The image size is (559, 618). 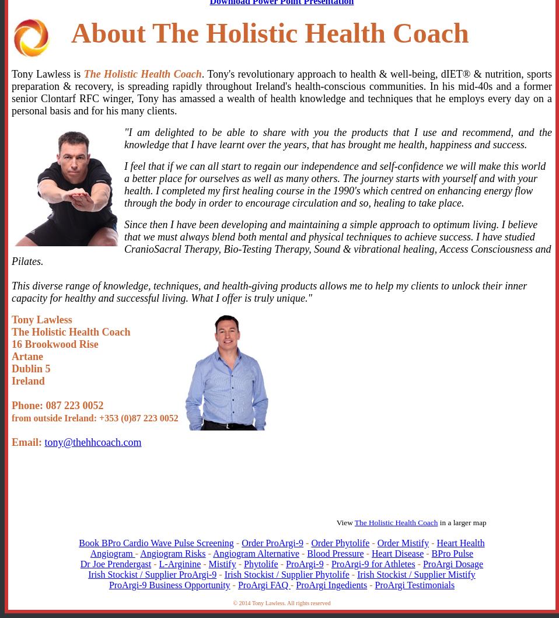 I want to click on 'from outside Ireland: +353 (0)87', so click(x=77, y=417).